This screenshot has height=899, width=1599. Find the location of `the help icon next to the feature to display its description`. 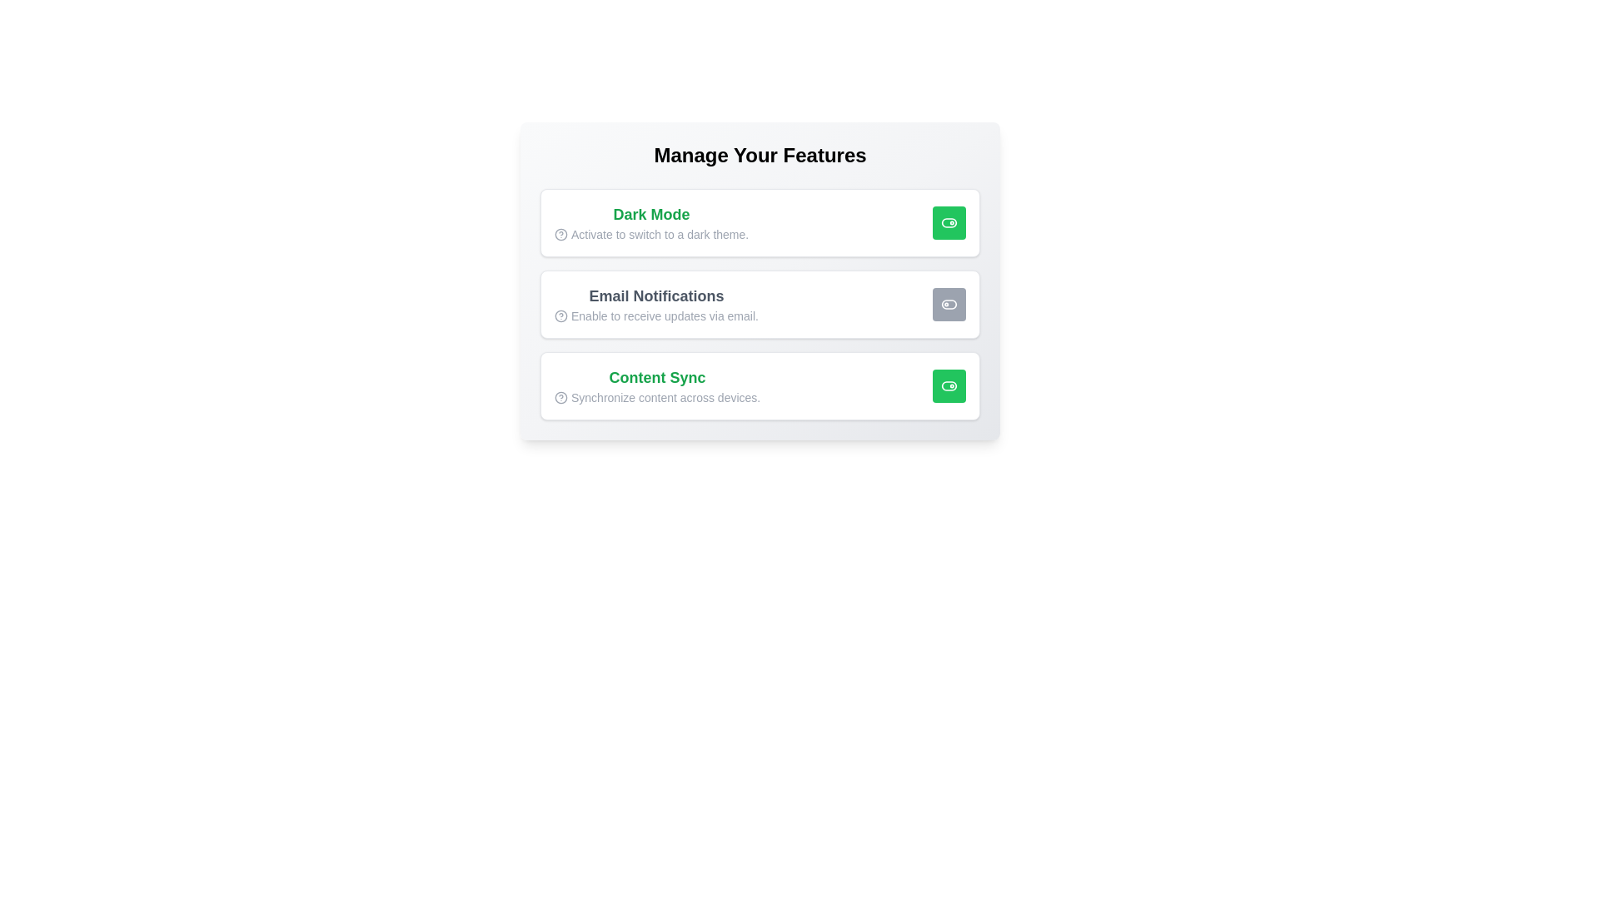

the help icon next to the feature to display its description is located at coordinates (560, 234).